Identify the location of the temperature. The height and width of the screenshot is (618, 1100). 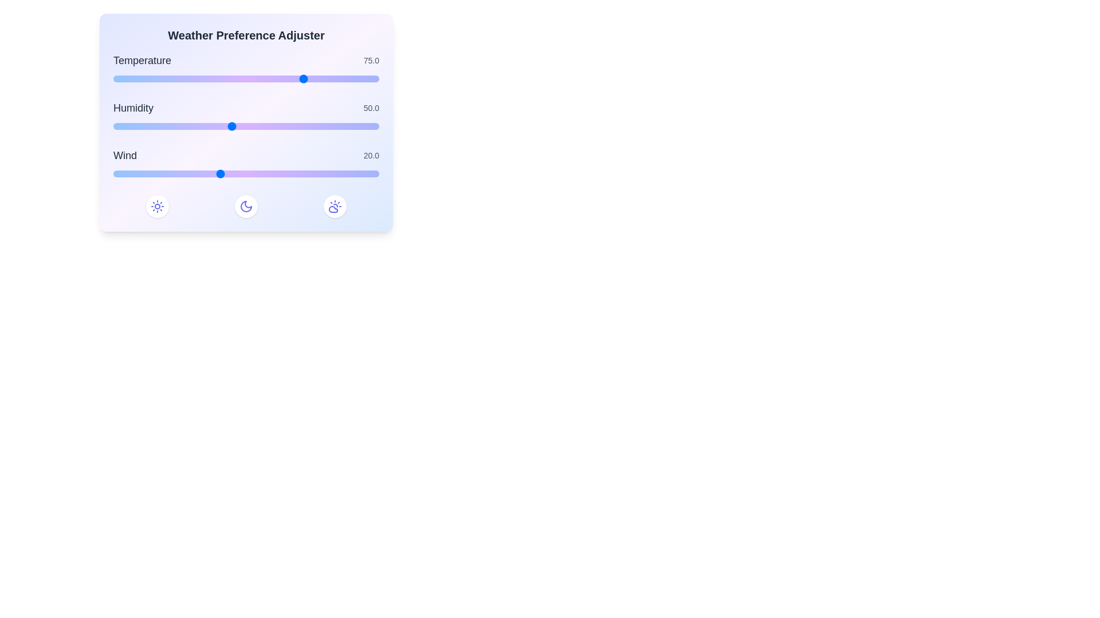
(119, 78).